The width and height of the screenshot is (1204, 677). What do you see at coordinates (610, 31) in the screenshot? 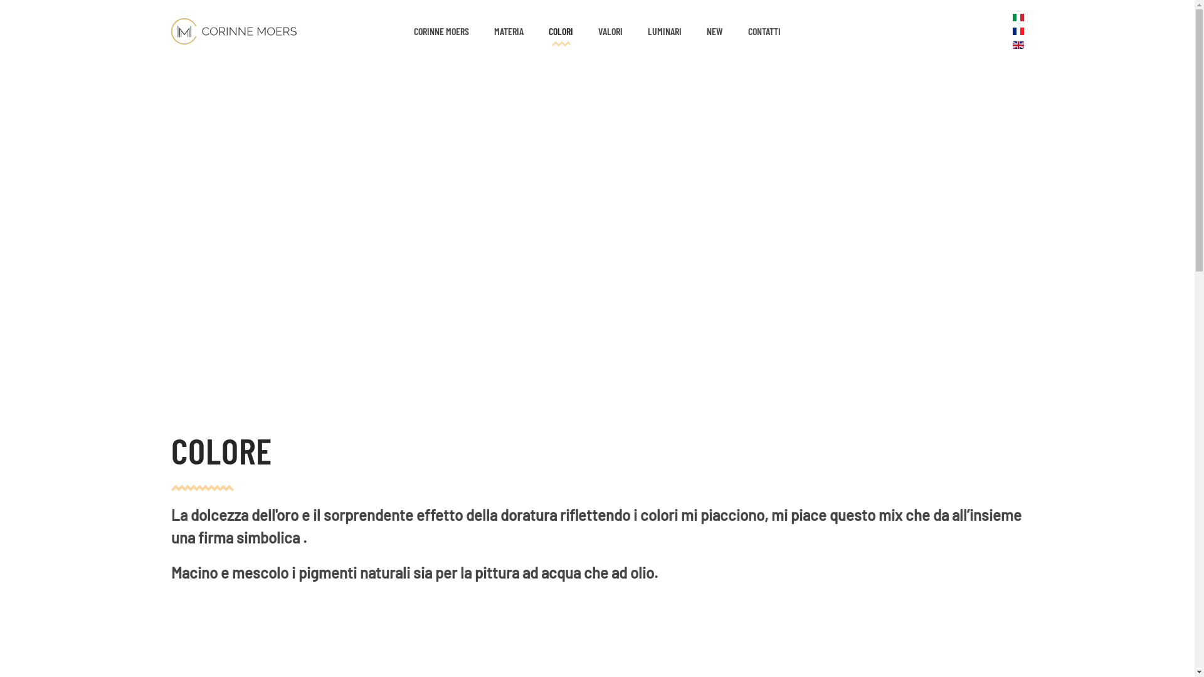
I see `'VALORI'` at bounding box center [610, 31].